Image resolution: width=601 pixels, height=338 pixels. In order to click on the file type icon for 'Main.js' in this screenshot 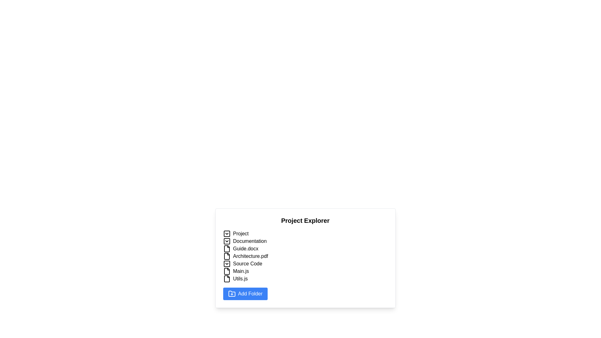, I will do `click(226, 271)`.